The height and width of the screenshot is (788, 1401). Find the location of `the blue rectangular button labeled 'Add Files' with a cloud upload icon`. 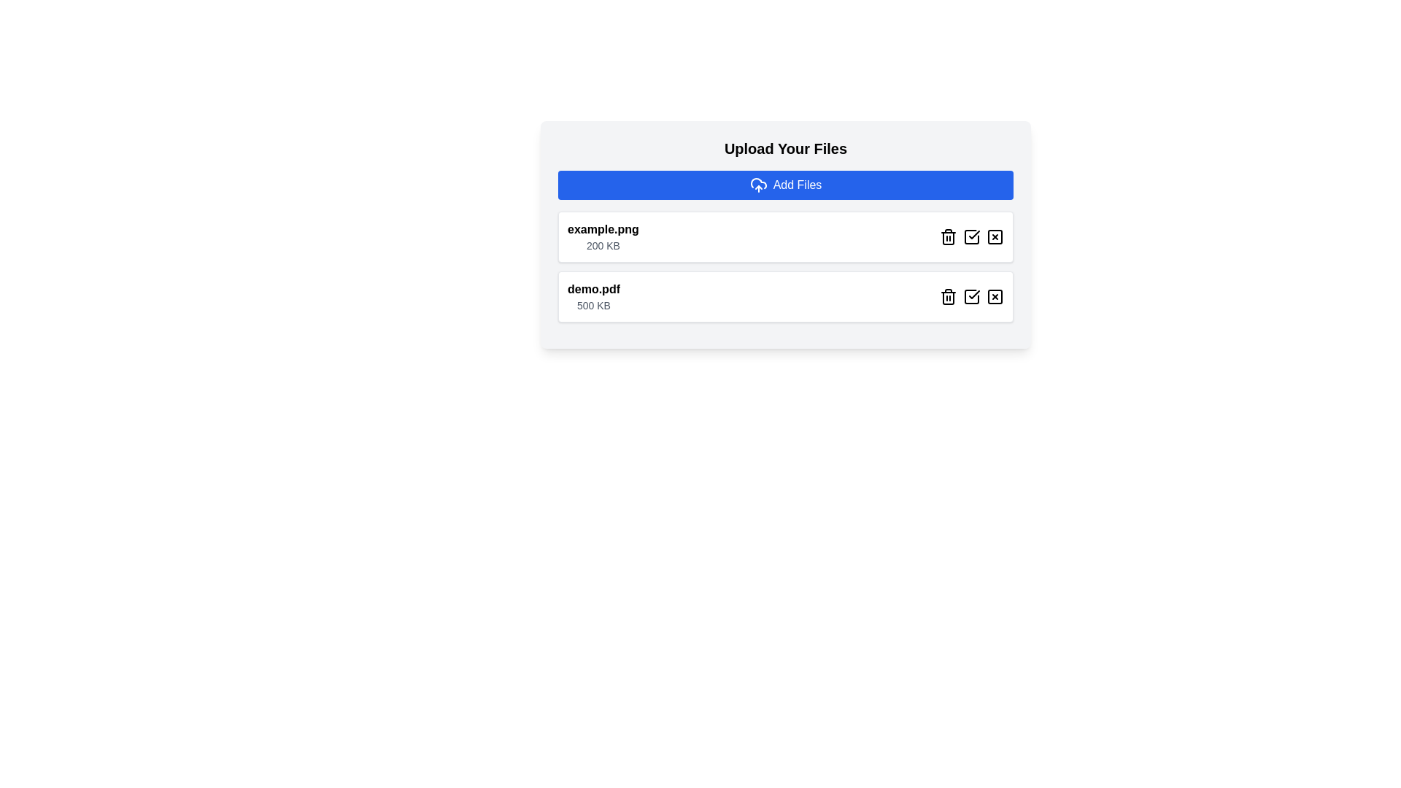

the blue rectangular button labeled 'Add Files' with a cloud upload icon is located at coordinates (784, 185).